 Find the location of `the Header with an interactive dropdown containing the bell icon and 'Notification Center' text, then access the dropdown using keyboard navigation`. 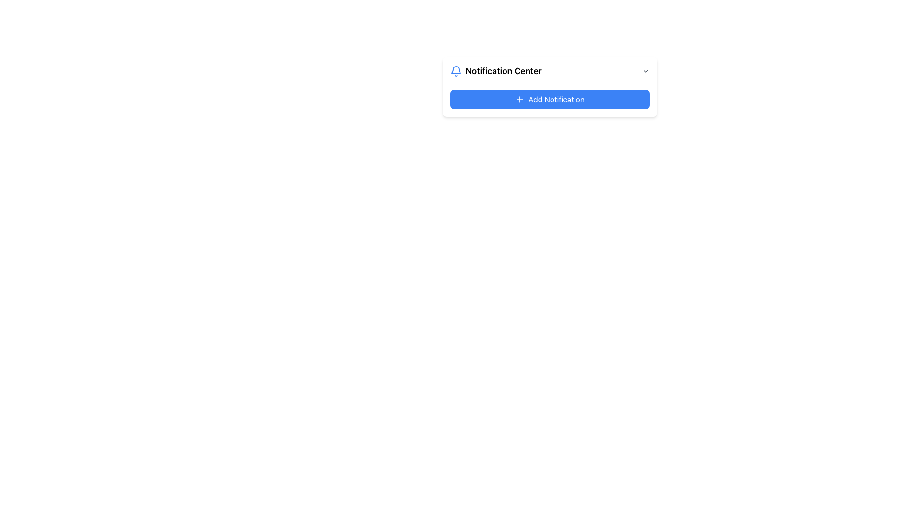

the Header with an interactive dropdown containing the bell icon and 'Notification Center' text, then access the dropdown using keyboard navigation is located at coordinates (550, 73).